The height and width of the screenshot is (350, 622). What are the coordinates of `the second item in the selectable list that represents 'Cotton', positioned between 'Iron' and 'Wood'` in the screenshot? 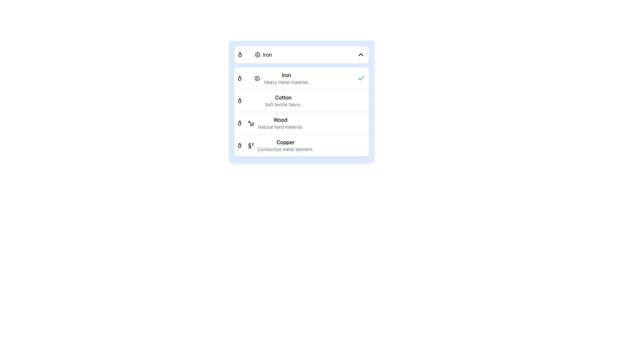 It's located at (301, 100).